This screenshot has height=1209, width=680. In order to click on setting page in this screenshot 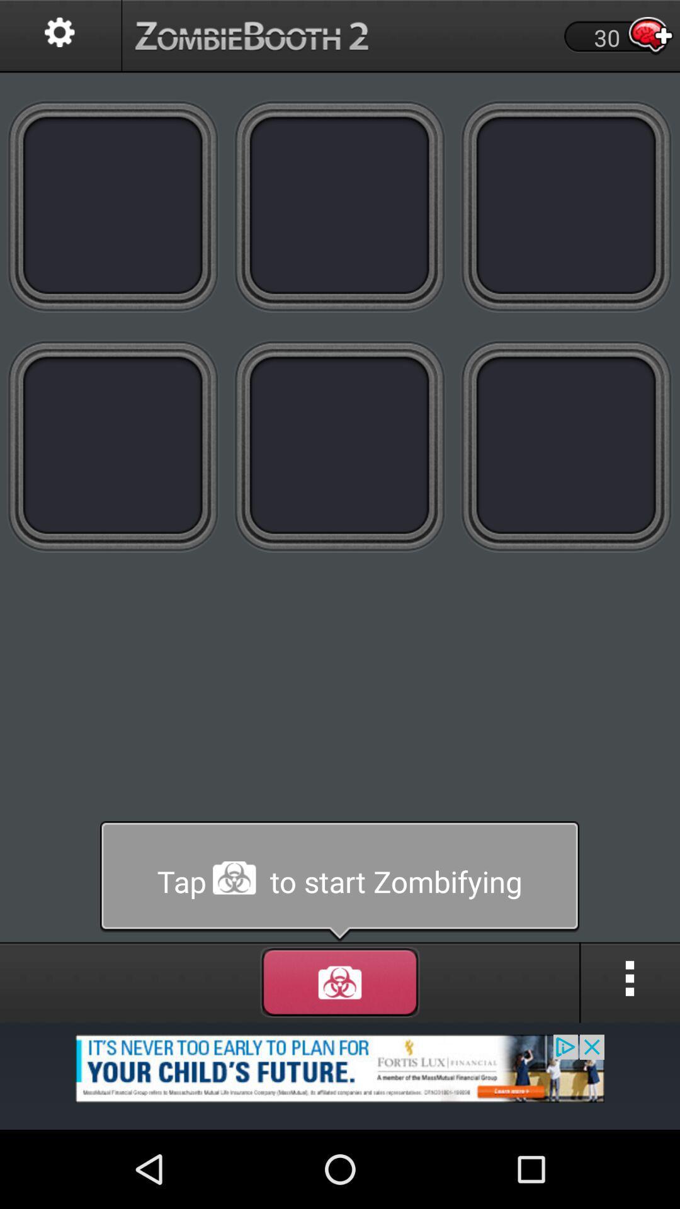, I will do `click(60, 36)`.